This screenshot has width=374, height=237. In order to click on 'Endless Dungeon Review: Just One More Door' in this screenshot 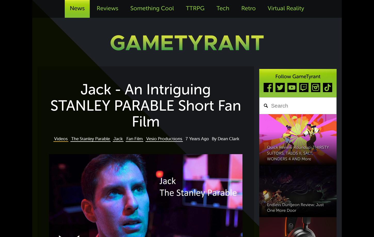, I will do `click(295, 207)`.